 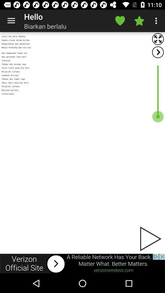 What do you see at coordinates (82, 263) in the screenshot?
I see `another site` at bounding box center [82, 263].